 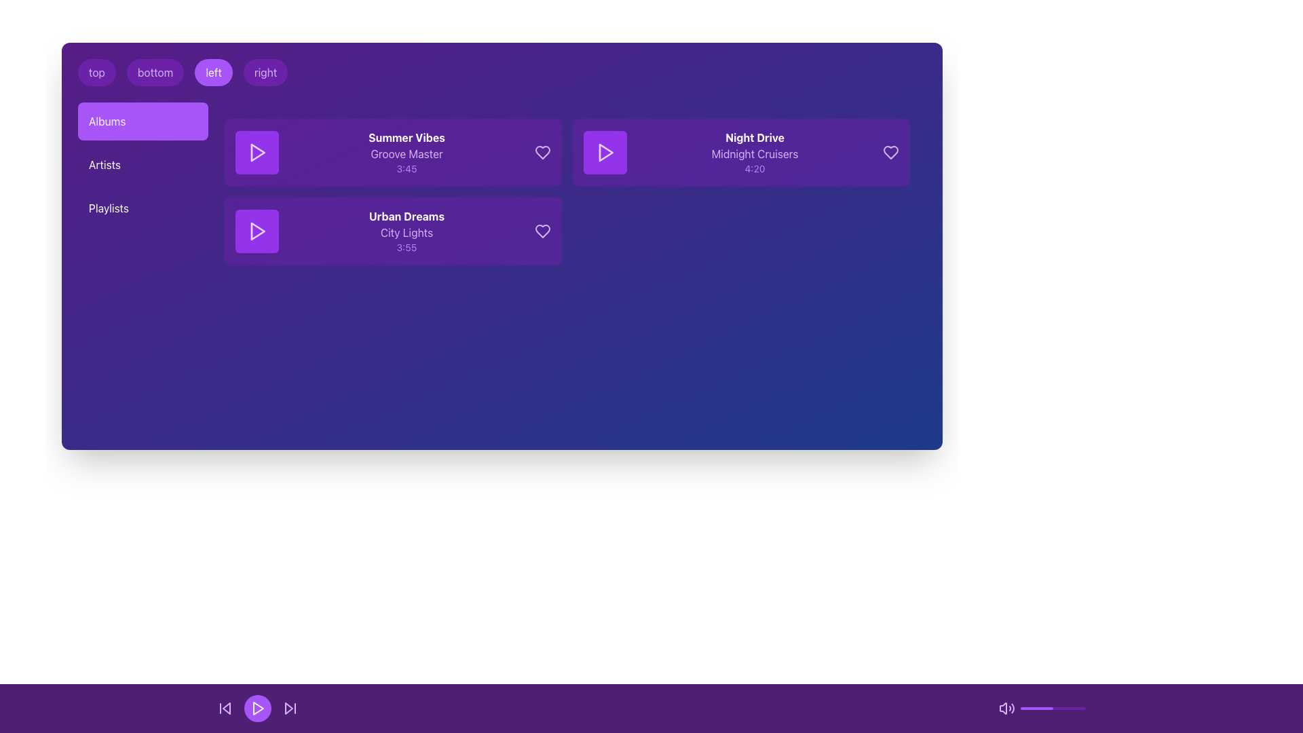 What do you see at coordinates (1079, 708) in the screenshot?
I see `the volume level` at bounding box center [1079, 708].